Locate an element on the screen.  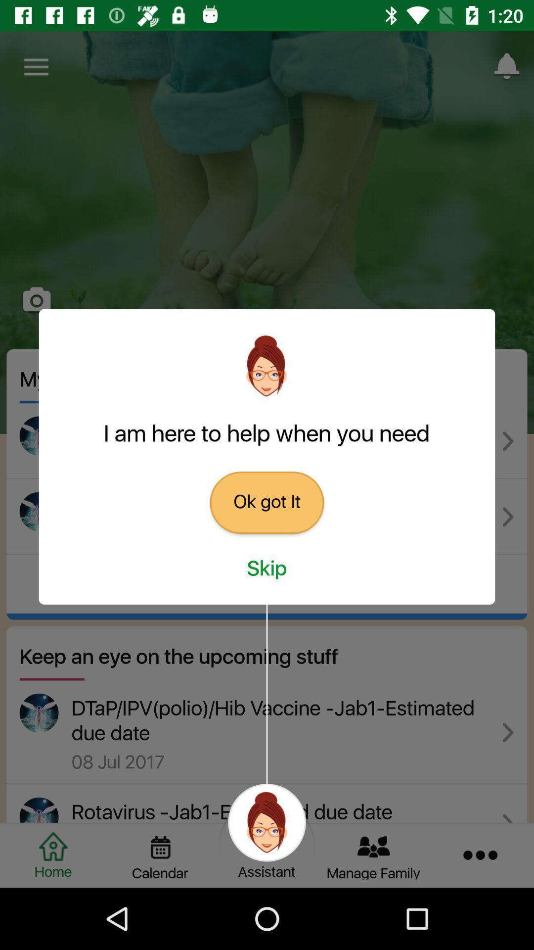
icon below i am here icon is located at coordinates (267, 503).